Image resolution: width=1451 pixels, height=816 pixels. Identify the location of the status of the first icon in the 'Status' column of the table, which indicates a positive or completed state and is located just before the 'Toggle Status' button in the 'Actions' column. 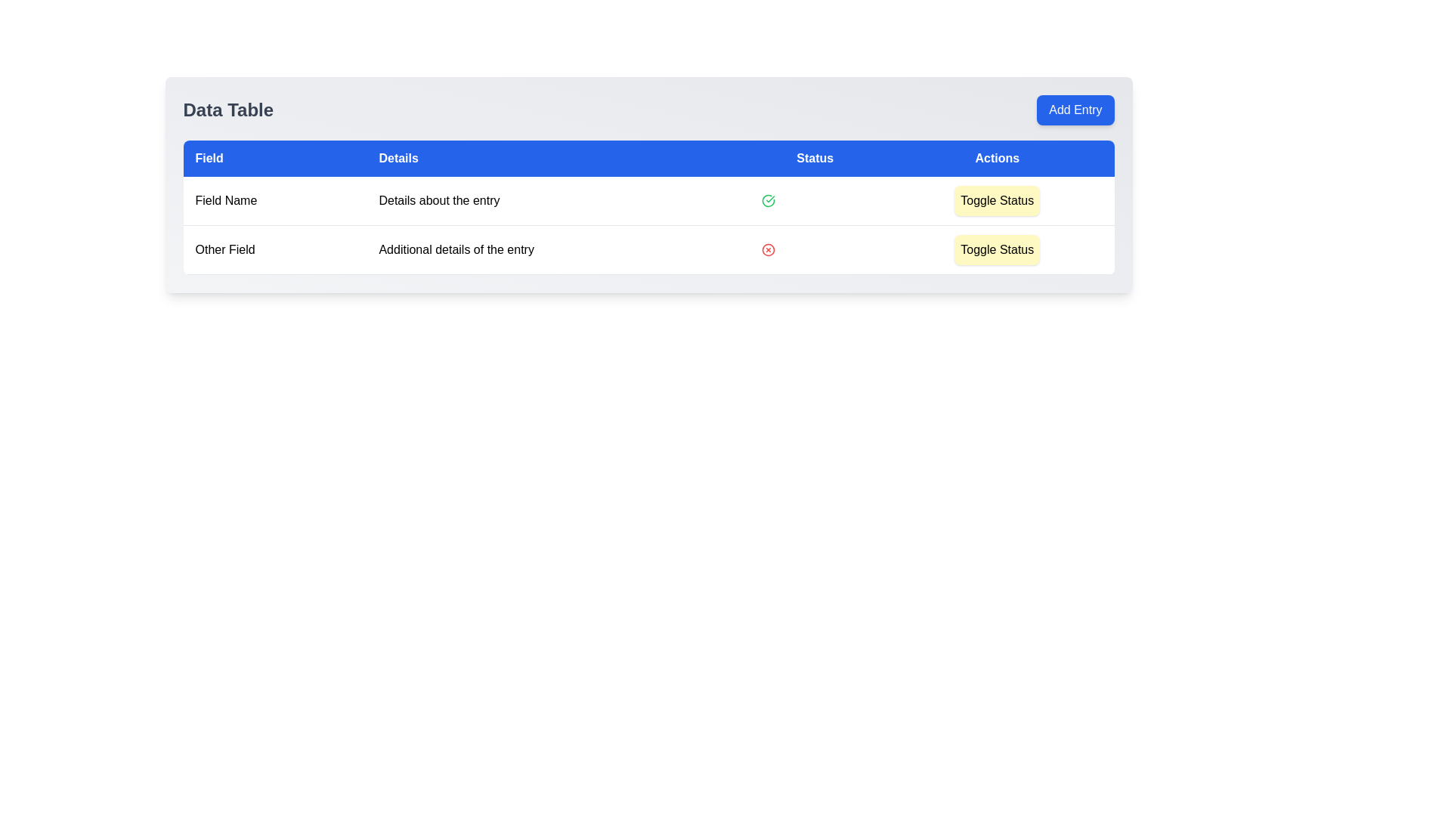
(769, 200).